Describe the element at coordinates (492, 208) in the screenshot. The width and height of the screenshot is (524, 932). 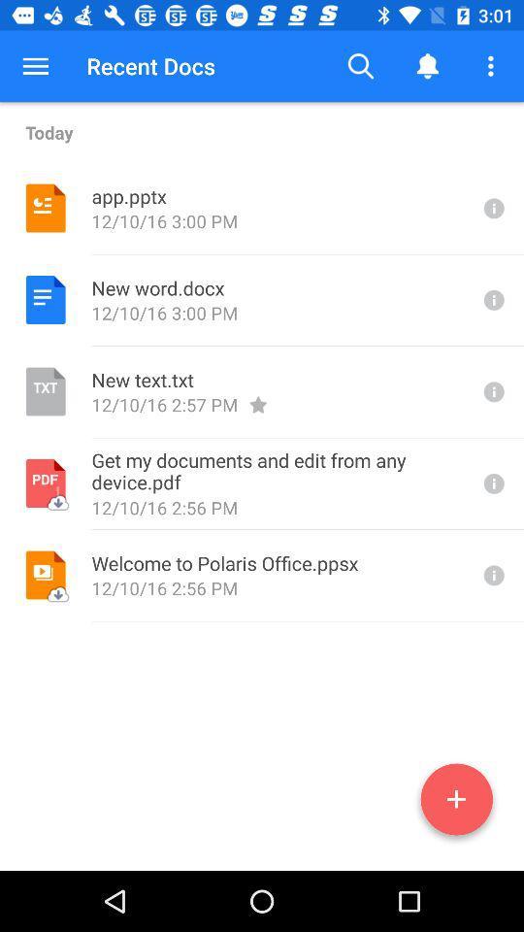
I see `information` at that location.